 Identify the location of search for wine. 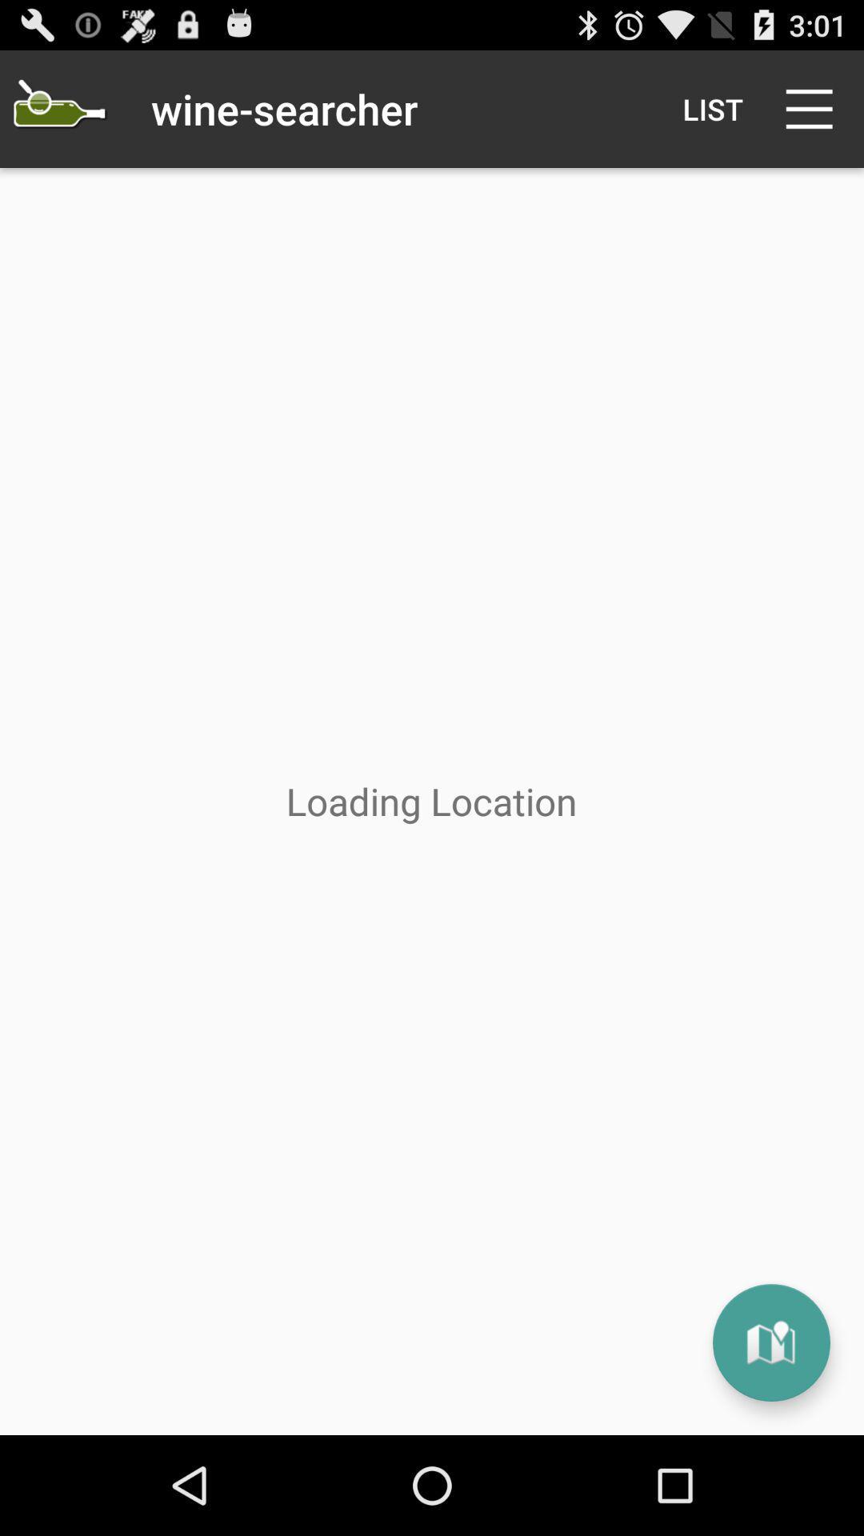
(58, 108).